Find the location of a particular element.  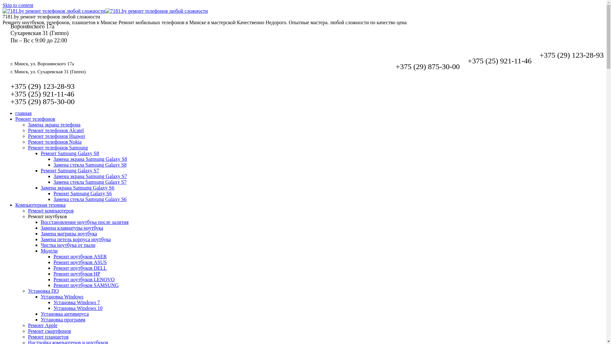

'+375 (29) 875-30-00' is located at coordinates (428, 66).